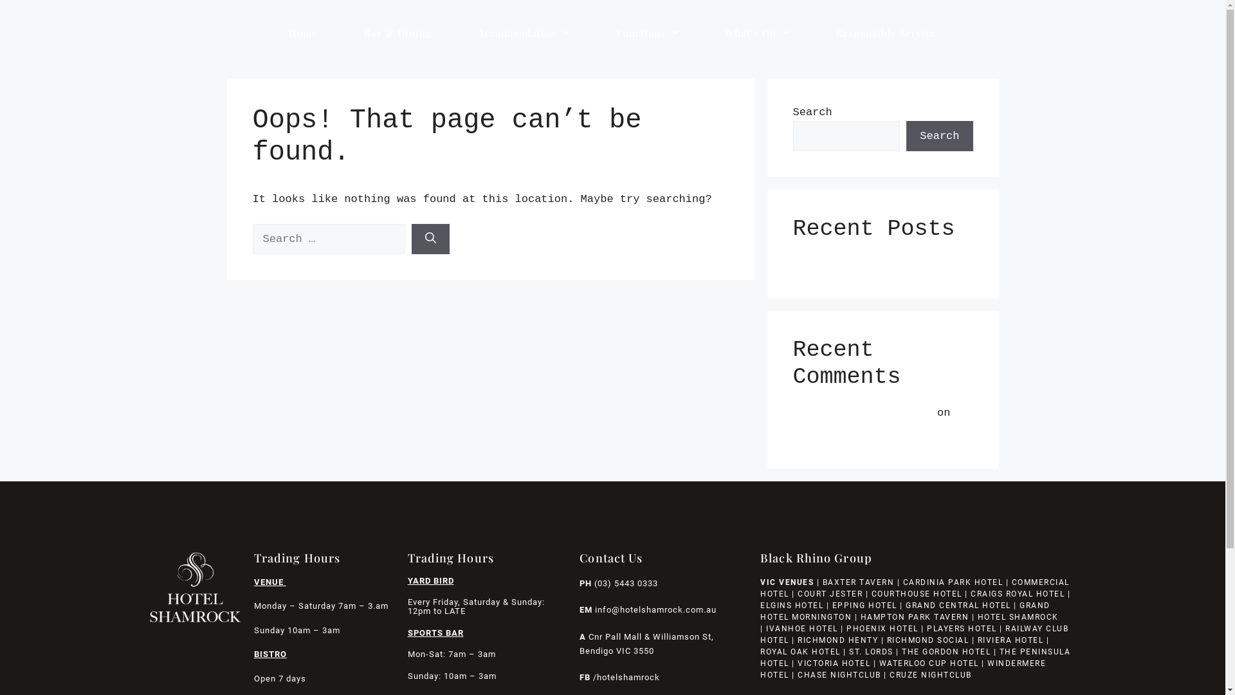 The height and width of the screenshot is (695, 1235). Describe the element at coordinates (801, 627) in the screenshot. I see `'IVANHOE HOTEL'` at that location.